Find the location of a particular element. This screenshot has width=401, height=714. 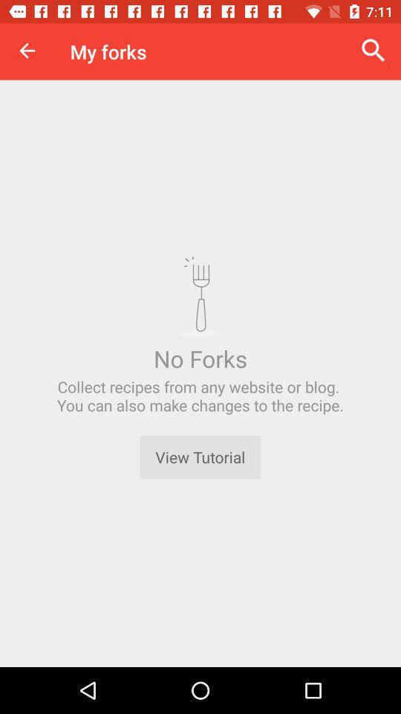

item next to my forks is located at coordinates (27, 51).